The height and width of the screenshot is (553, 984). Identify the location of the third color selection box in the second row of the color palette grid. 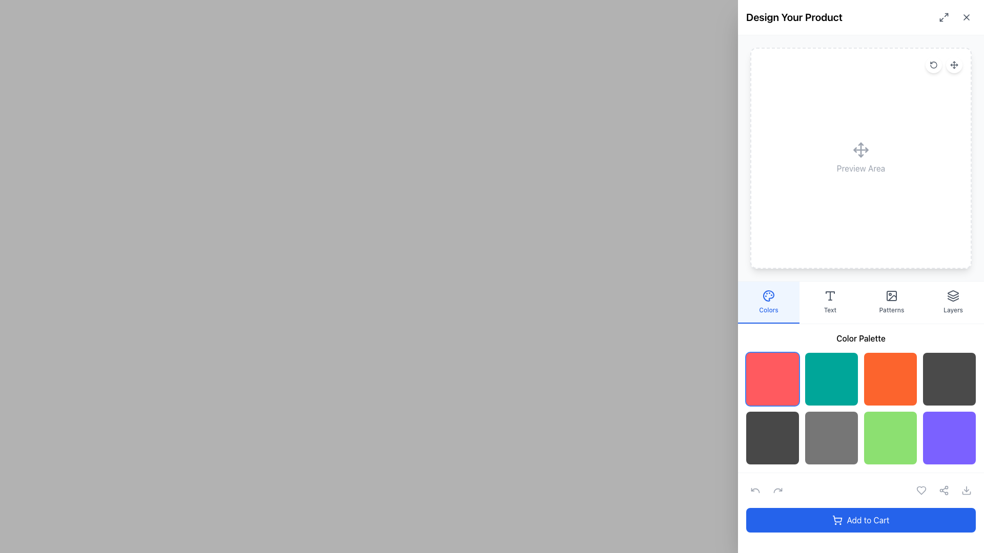
(890, 438).